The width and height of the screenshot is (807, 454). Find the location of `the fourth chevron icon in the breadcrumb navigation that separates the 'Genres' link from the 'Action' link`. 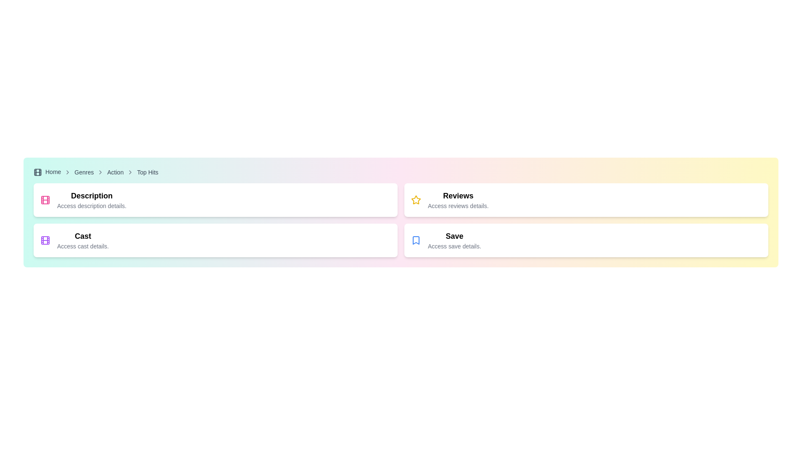

the fourth chevron icon in the breadcrumb navigation that separates the 'Genres' link from the 'Action' link is located at coordinates (100, 172).